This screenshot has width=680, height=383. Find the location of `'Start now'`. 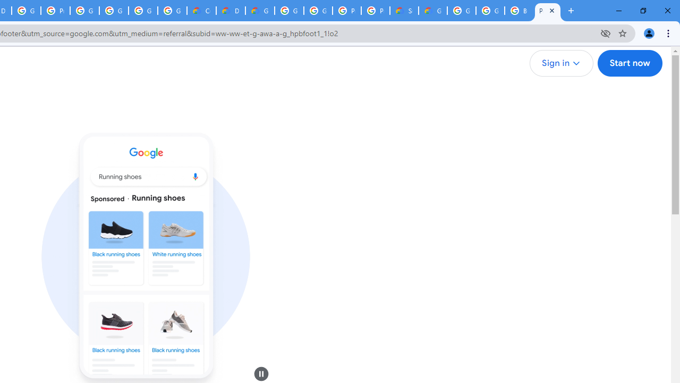

'Start now' is located at coordinates (630, 63).